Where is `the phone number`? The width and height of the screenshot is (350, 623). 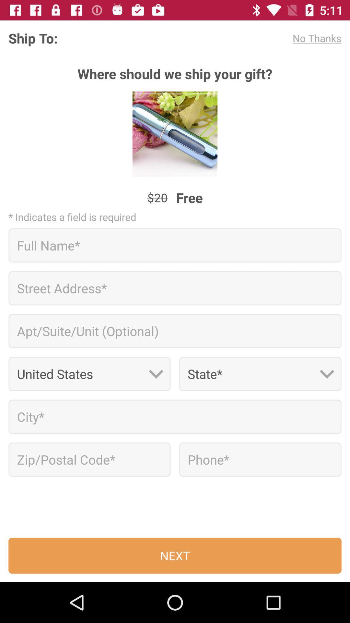
the phone number is located at coordinates (260, 459).